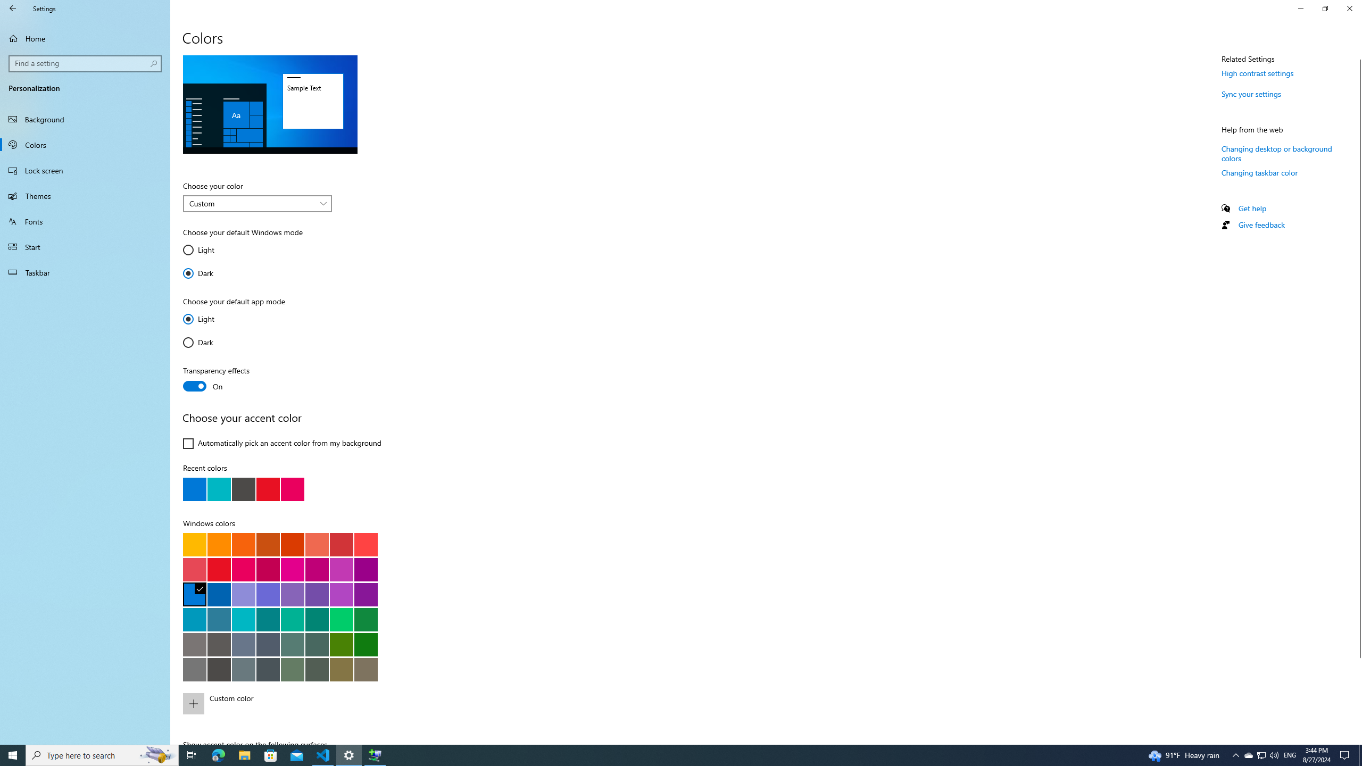 This screenshot has height=766, width=1362. Describe the element at coordinates (221, 379) in the screenshot. I see `'Transparency effects'` at that location.